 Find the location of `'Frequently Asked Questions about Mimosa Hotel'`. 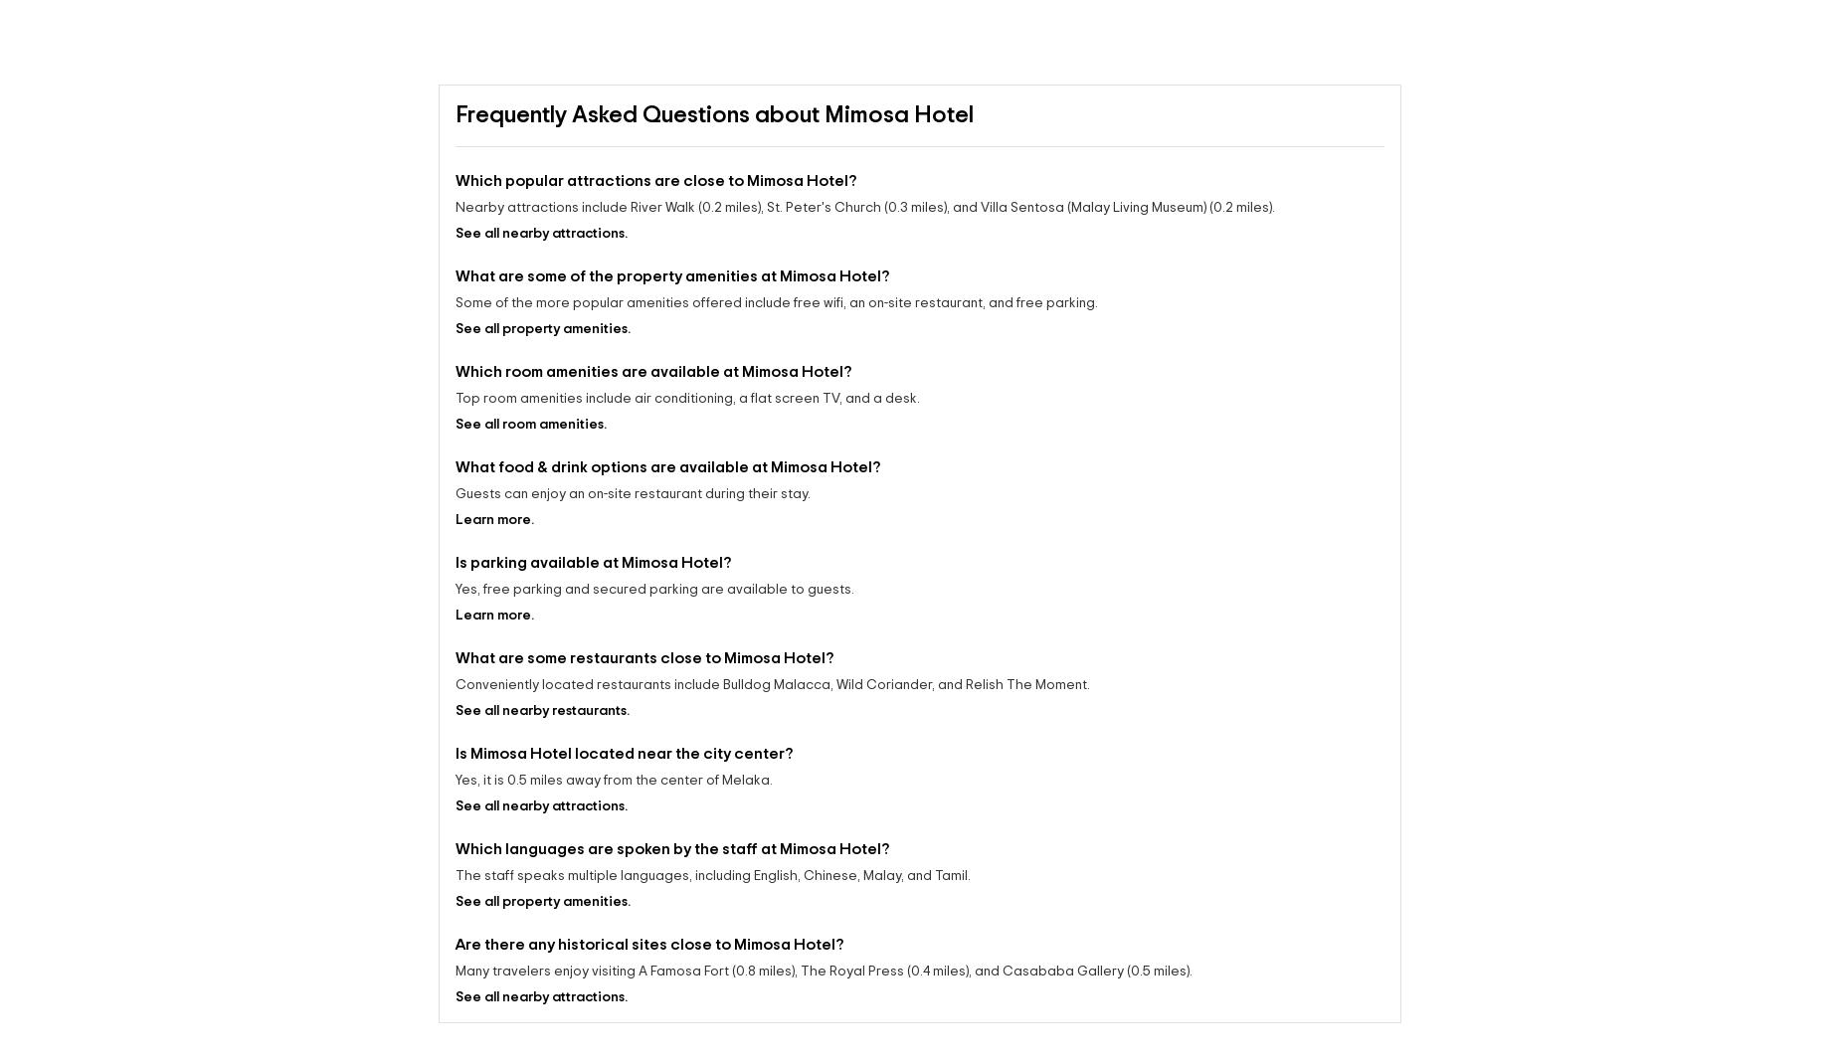

'Frequently Asked Questions about Mimosa Hotel' is located at coordinates (714, 114).